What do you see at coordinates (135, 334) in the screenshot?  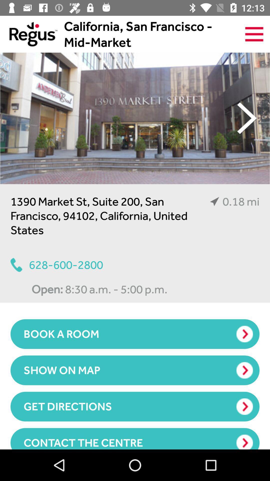 I see `the book a room icon` at bounding box center [135, 334].